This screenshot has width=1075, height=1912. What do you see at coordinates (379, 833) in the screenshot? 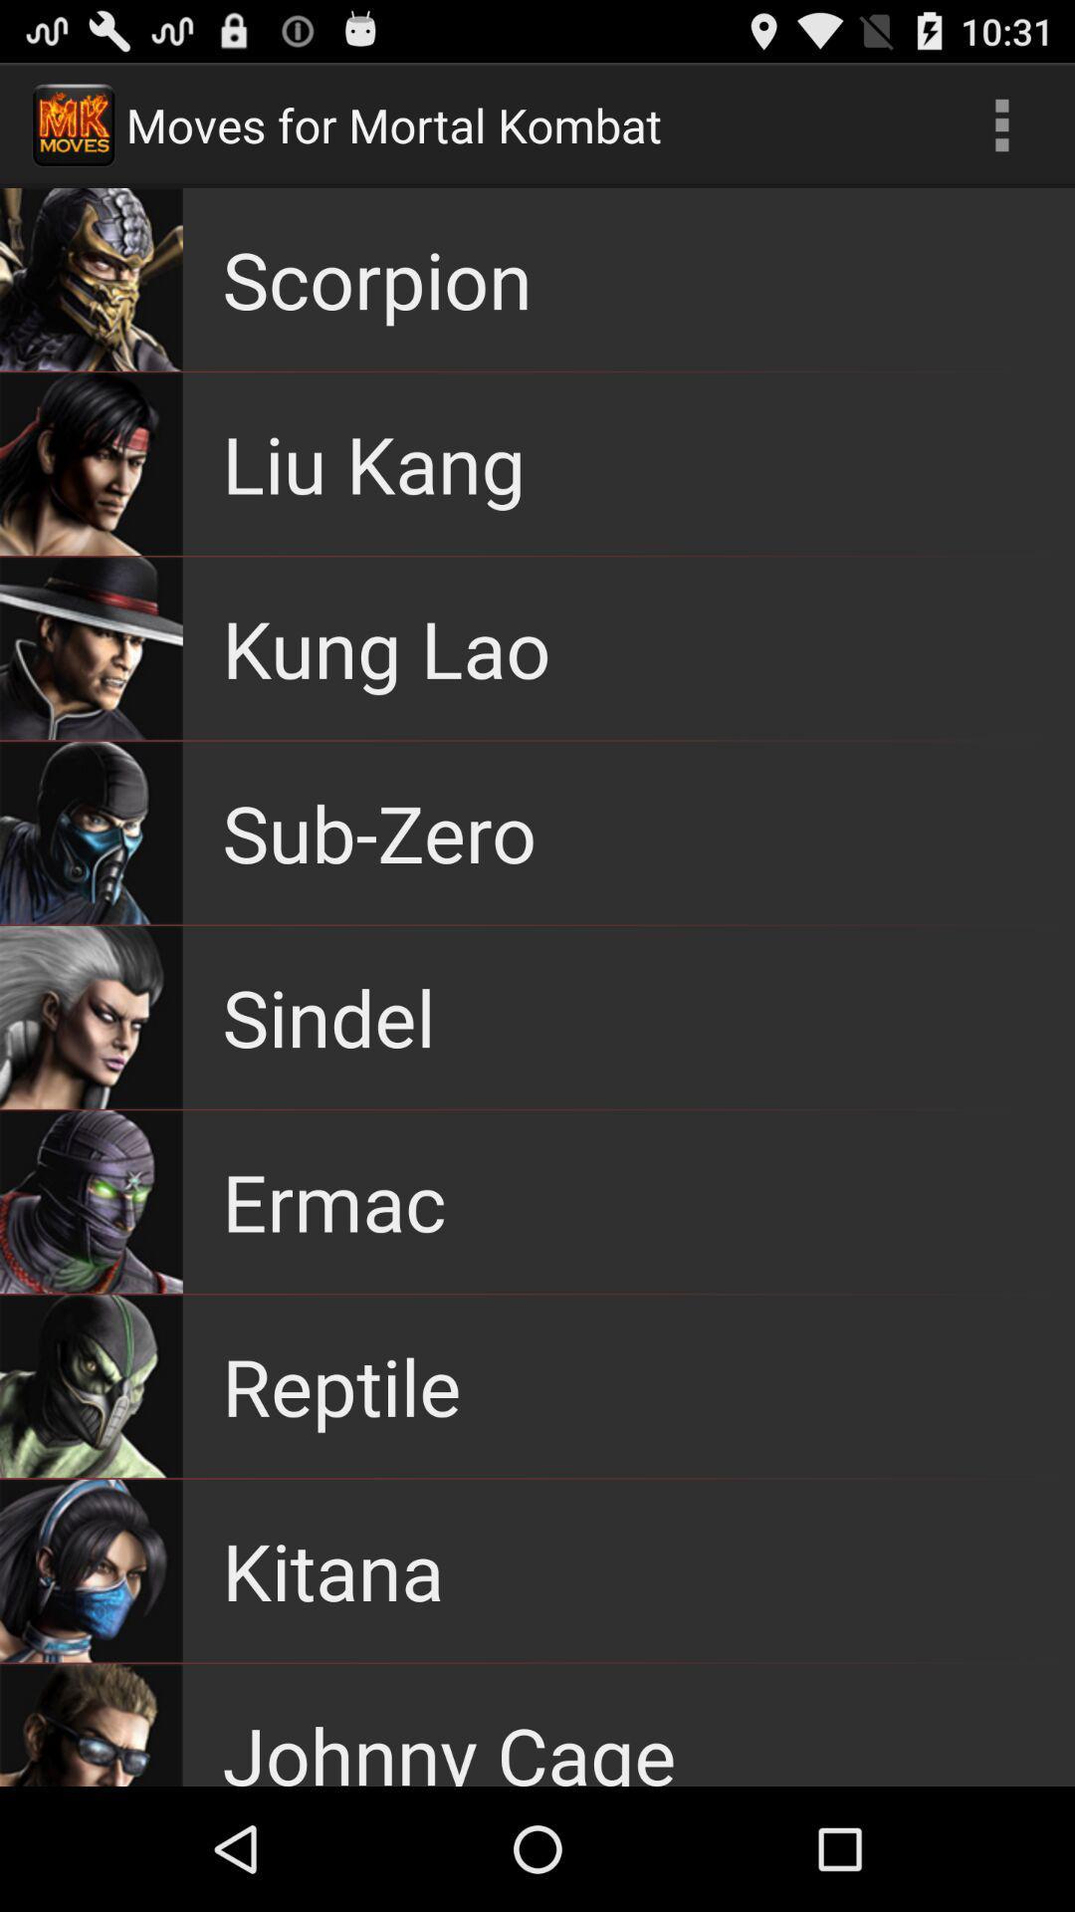
I see `the app above sindel app` at bounding box center [379, 833].